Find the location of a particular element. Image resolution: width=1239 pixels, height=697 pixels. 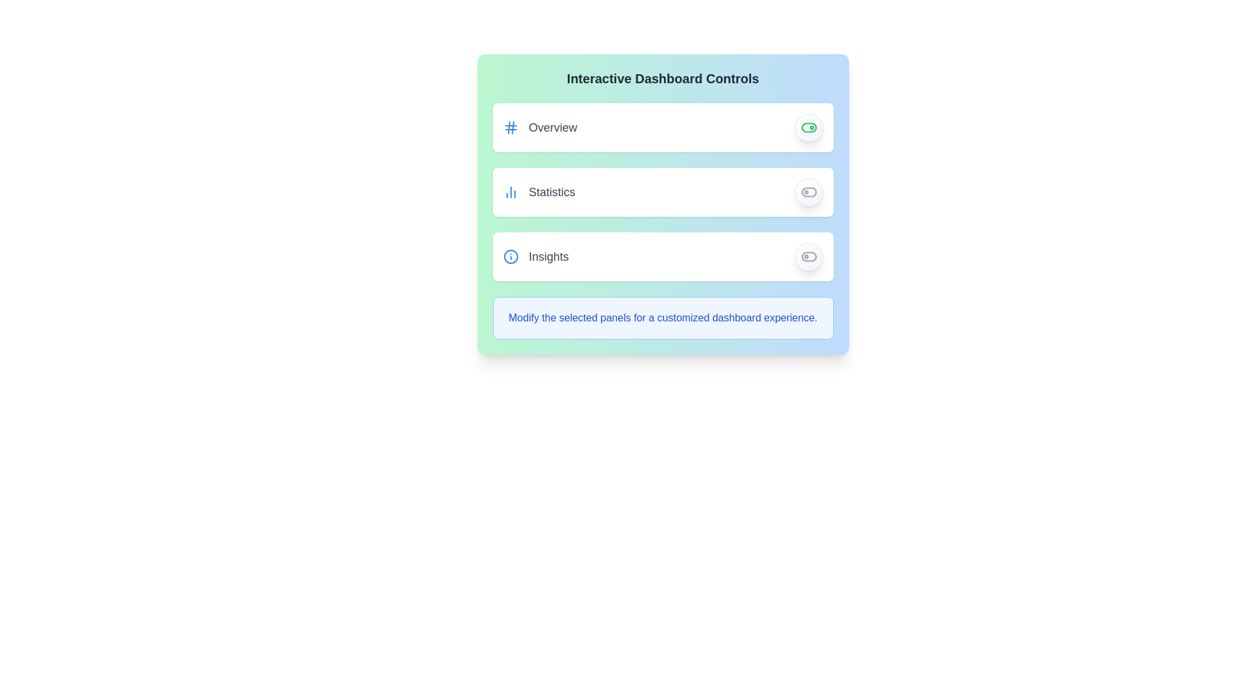

the 'Insights' element, which consists of a blue informational icon and a dark gray text label, positioned as the third item in the vertical list below 'Statistics' is located at coordinates (536, 256).